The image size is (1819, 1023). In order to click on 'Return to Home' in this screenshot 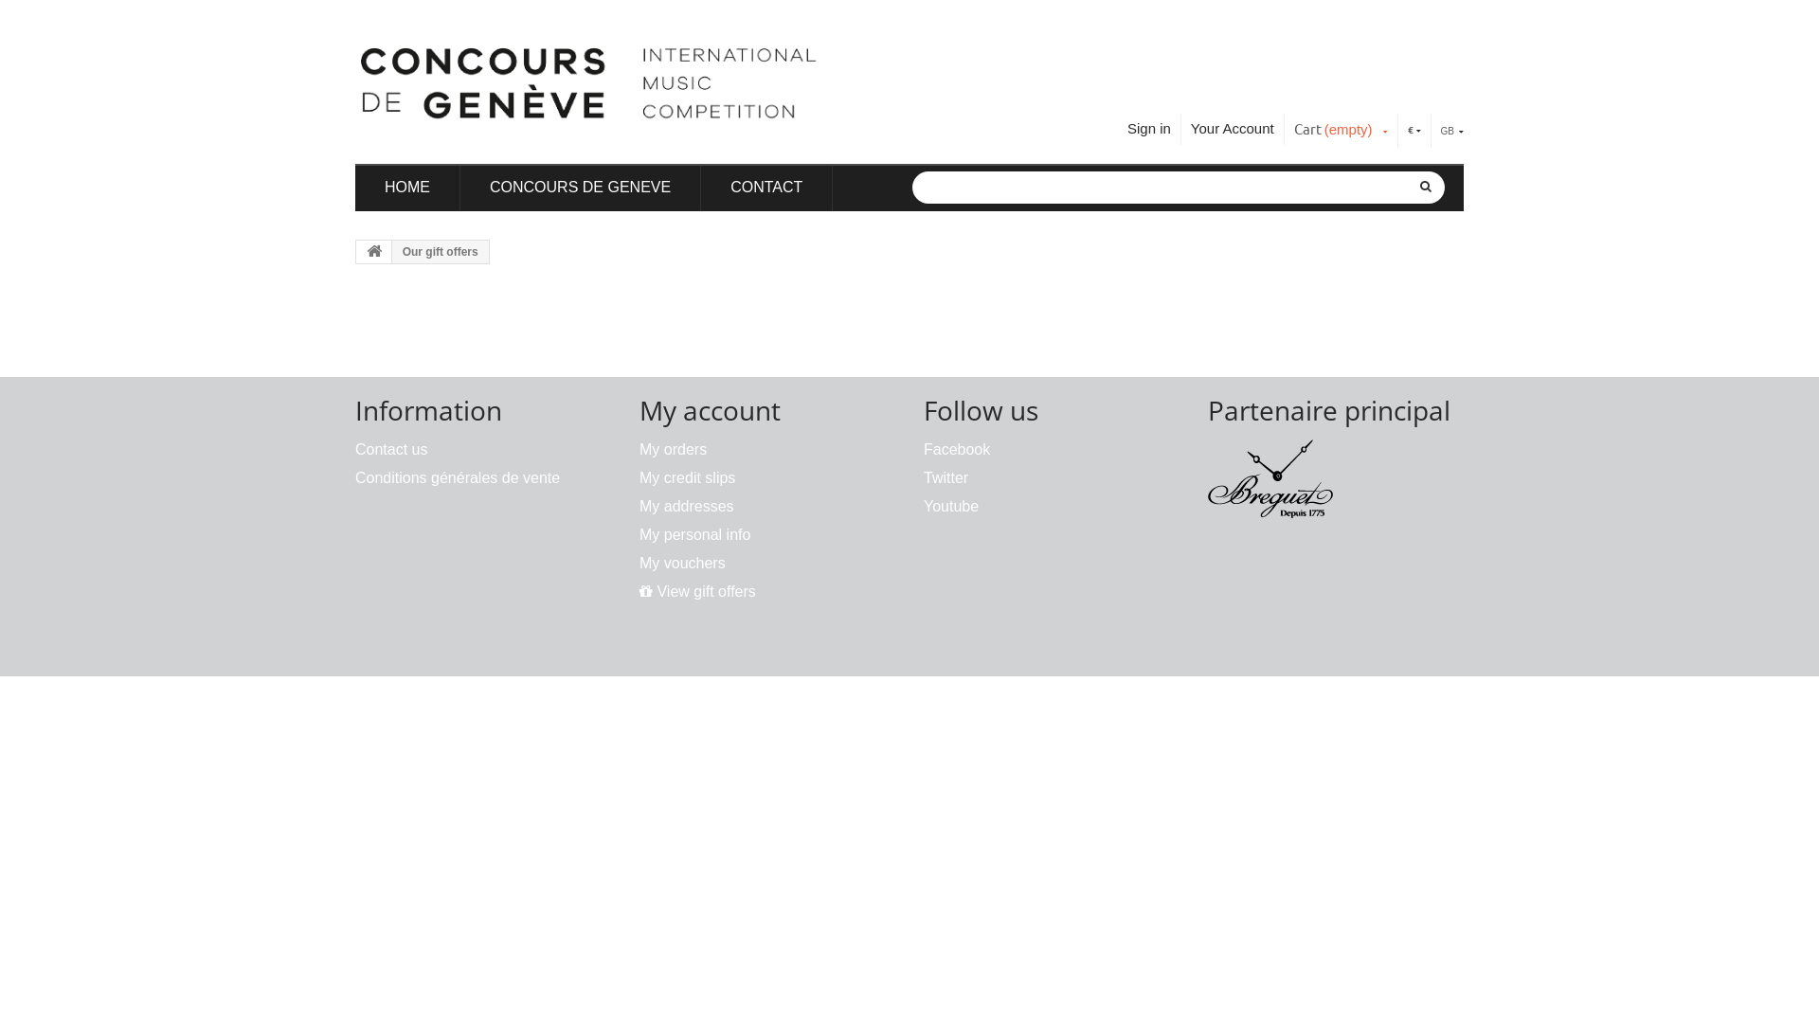, I will do `click(373, 251)`.